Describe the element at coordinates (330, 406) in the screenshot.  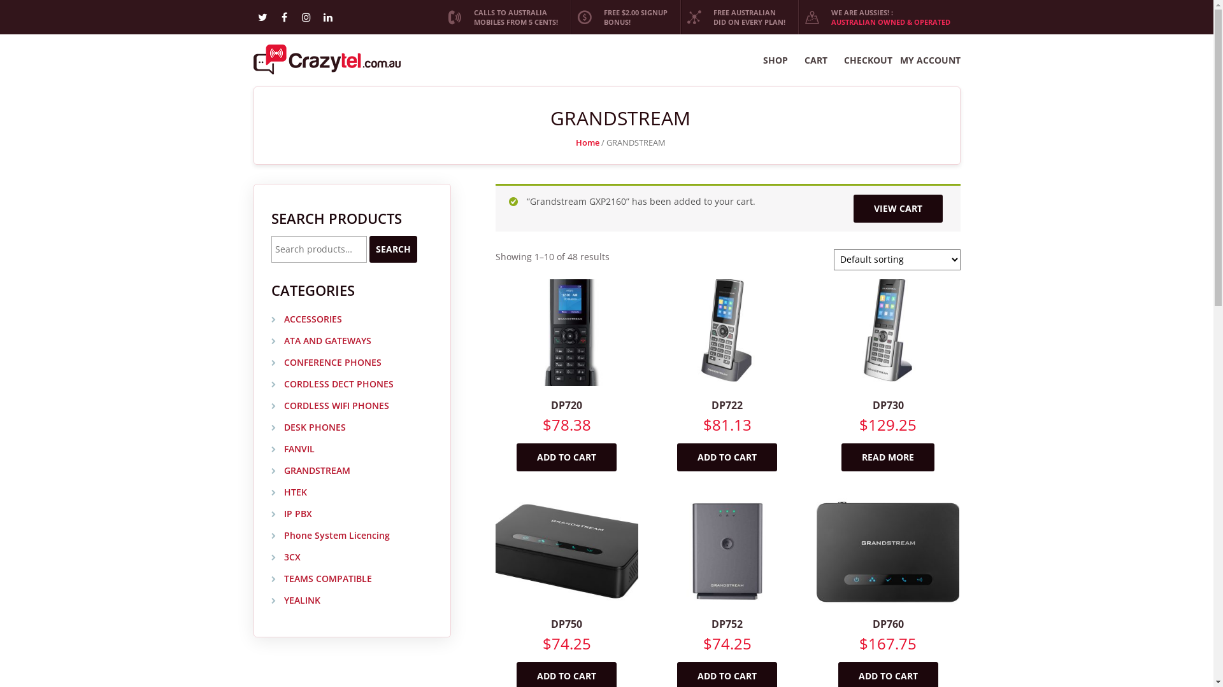
I see `'CORDLESS WIFI PHONES'` at that location.